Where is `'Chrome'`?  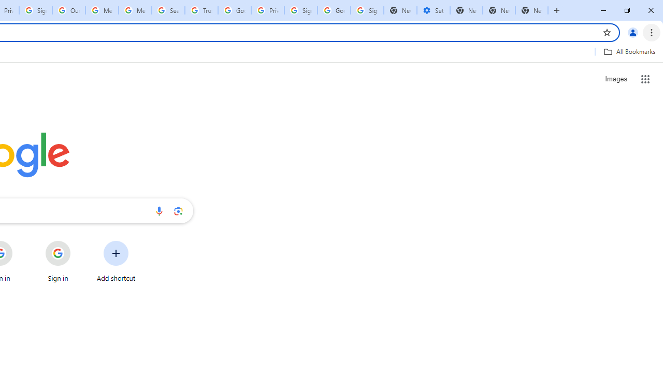 'Chrome' is located at coordinates (652, 32).